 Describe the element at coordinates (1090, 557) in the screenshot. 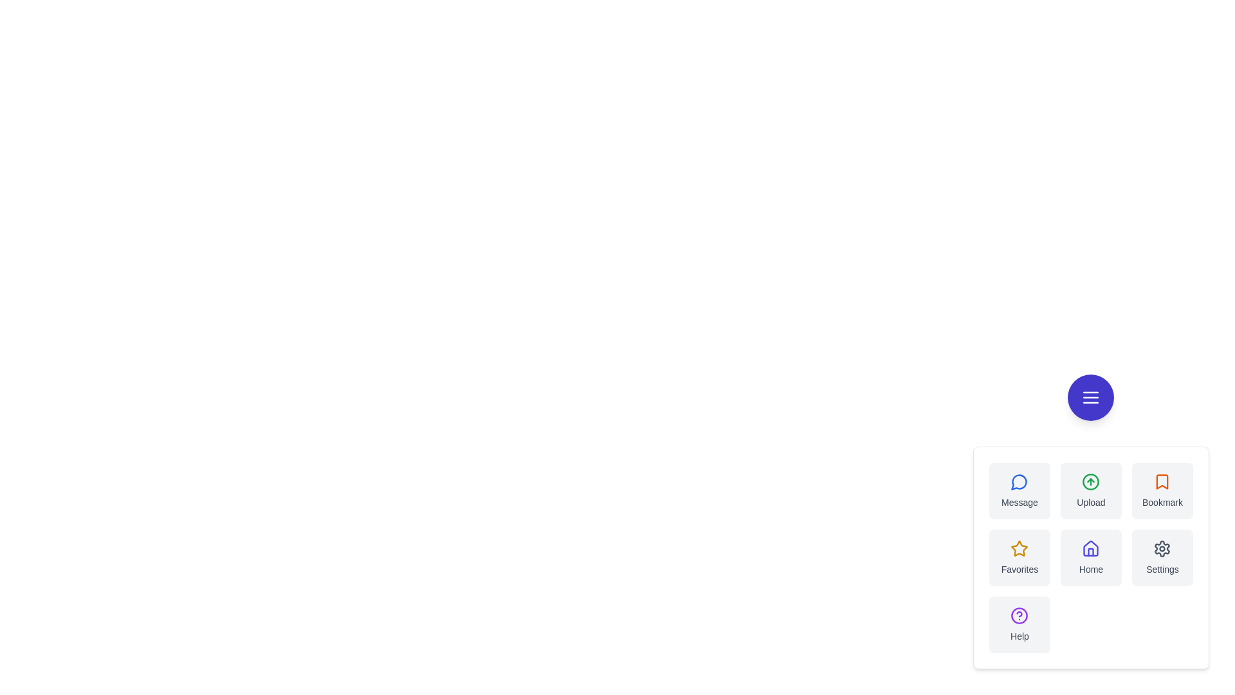

I see `the Home button in the speed dial menu` at that location.